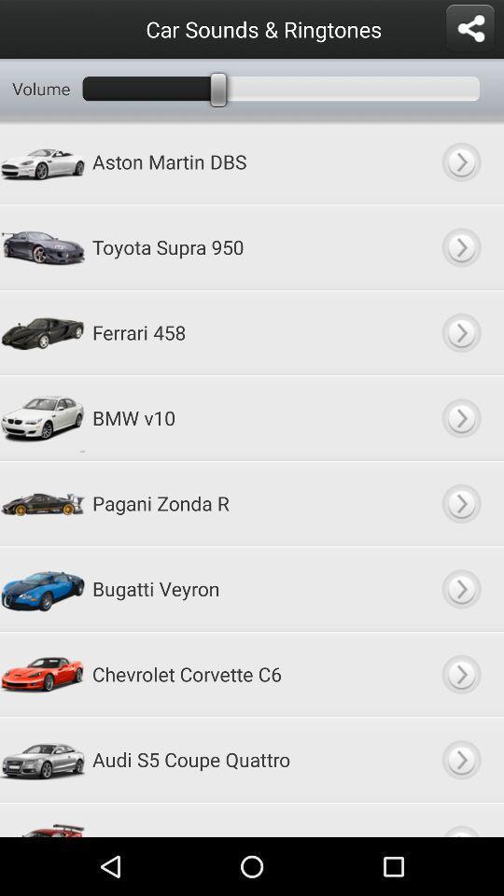 Image resolution: width=504 pixels, height=896 pixels. Describe the element at coordinates (460, 332) in the screenshot. I see `go next` at that location.